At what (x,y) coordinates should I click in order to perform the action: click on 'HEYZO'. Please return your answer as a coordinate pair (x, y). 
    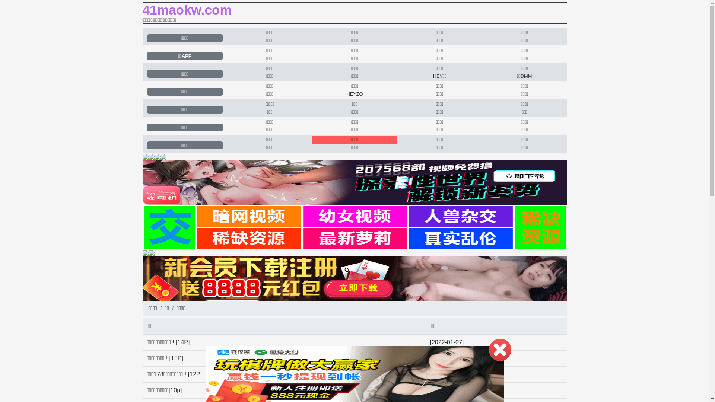
    Looking at the image, I should click on (354, 93).